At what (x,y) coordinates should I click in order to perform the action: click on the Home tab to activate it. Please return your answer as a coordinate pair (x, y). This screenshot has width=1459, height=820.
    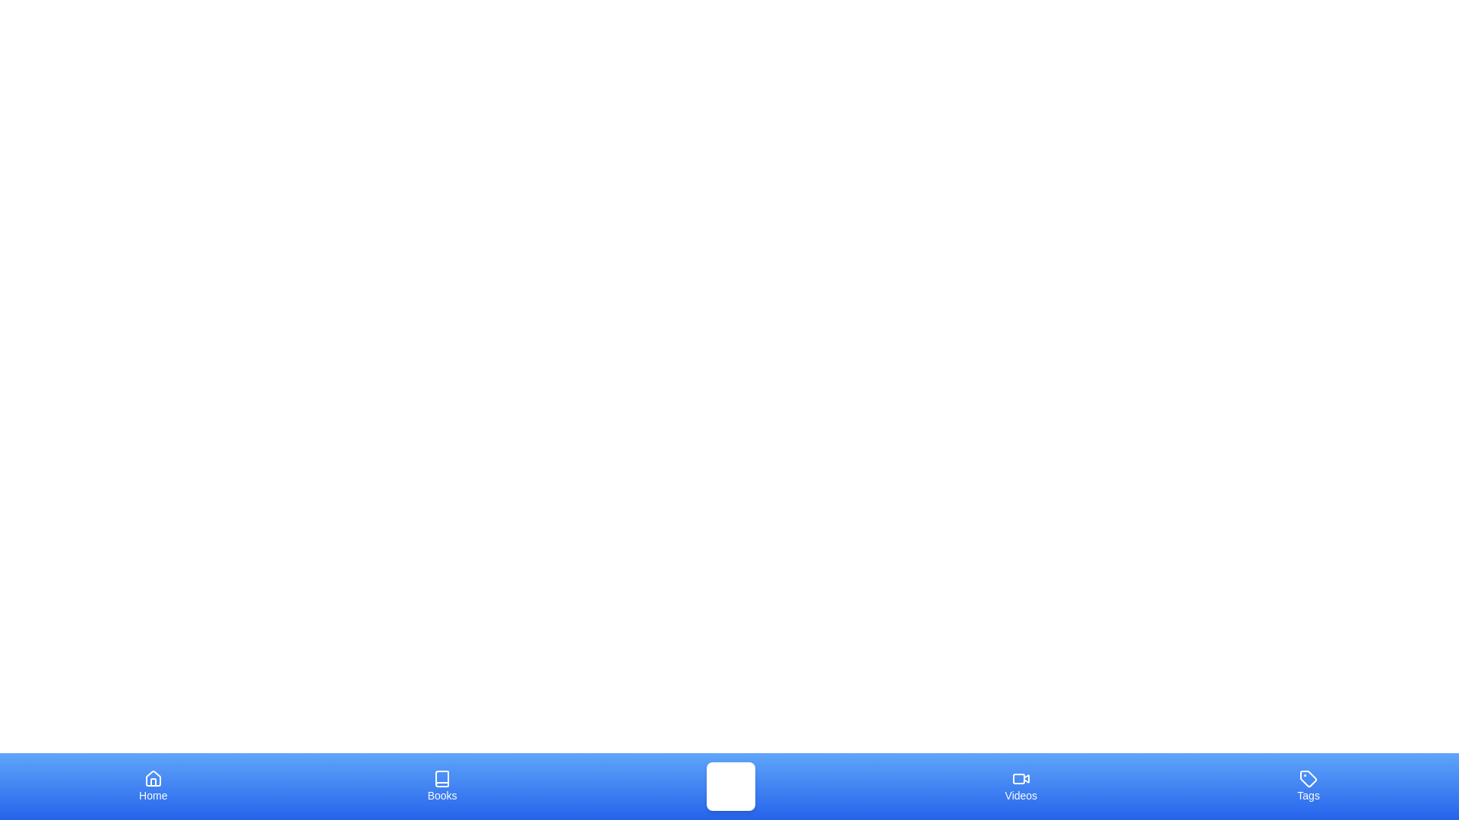
    Looking at the image, I should click on (153, 786).